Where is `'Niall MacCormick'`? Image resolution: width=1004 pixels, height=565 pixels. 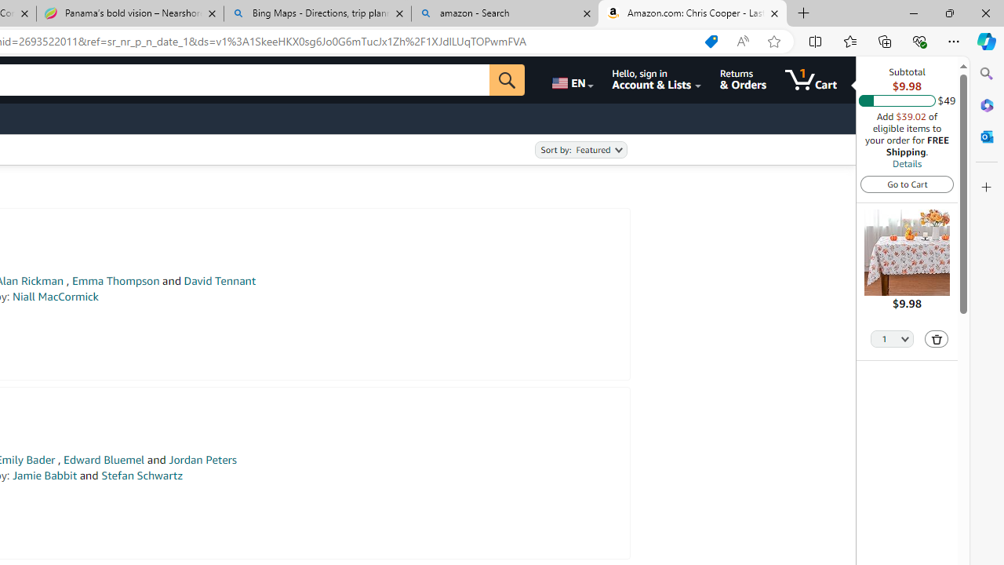 'Niall MacCormick' is located at coordinates (55, 297).